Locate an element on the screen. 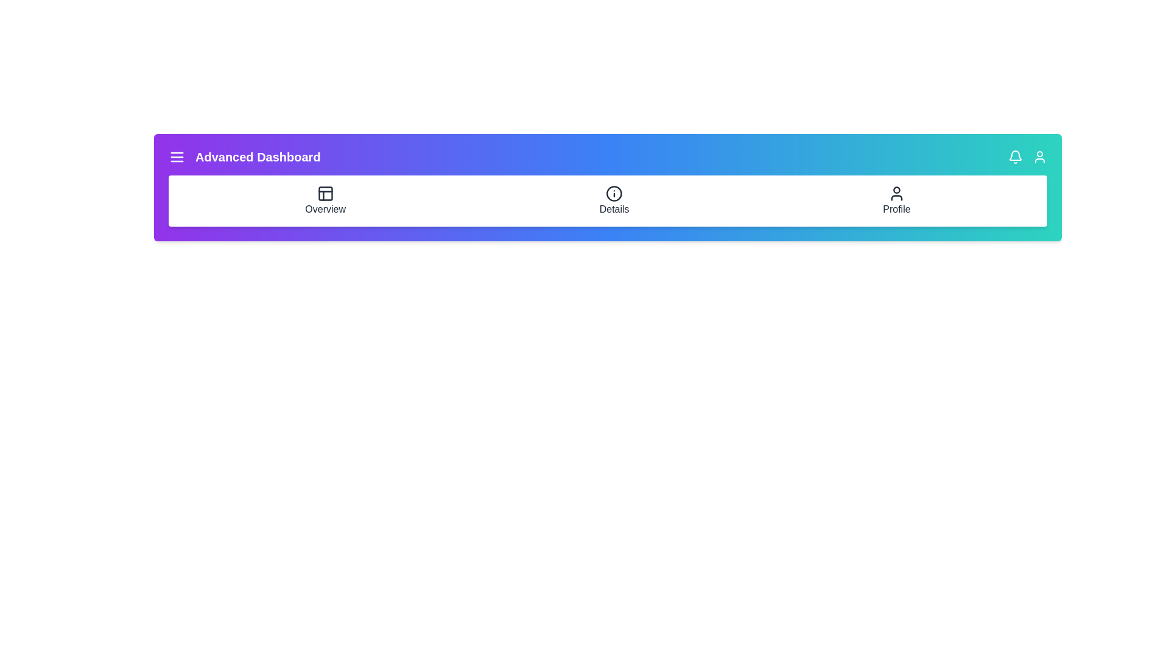 This screenshot has width=1169, height=658. the 'Overview' navigation item to navigate to the overview section is located at coordinates (325, 200).